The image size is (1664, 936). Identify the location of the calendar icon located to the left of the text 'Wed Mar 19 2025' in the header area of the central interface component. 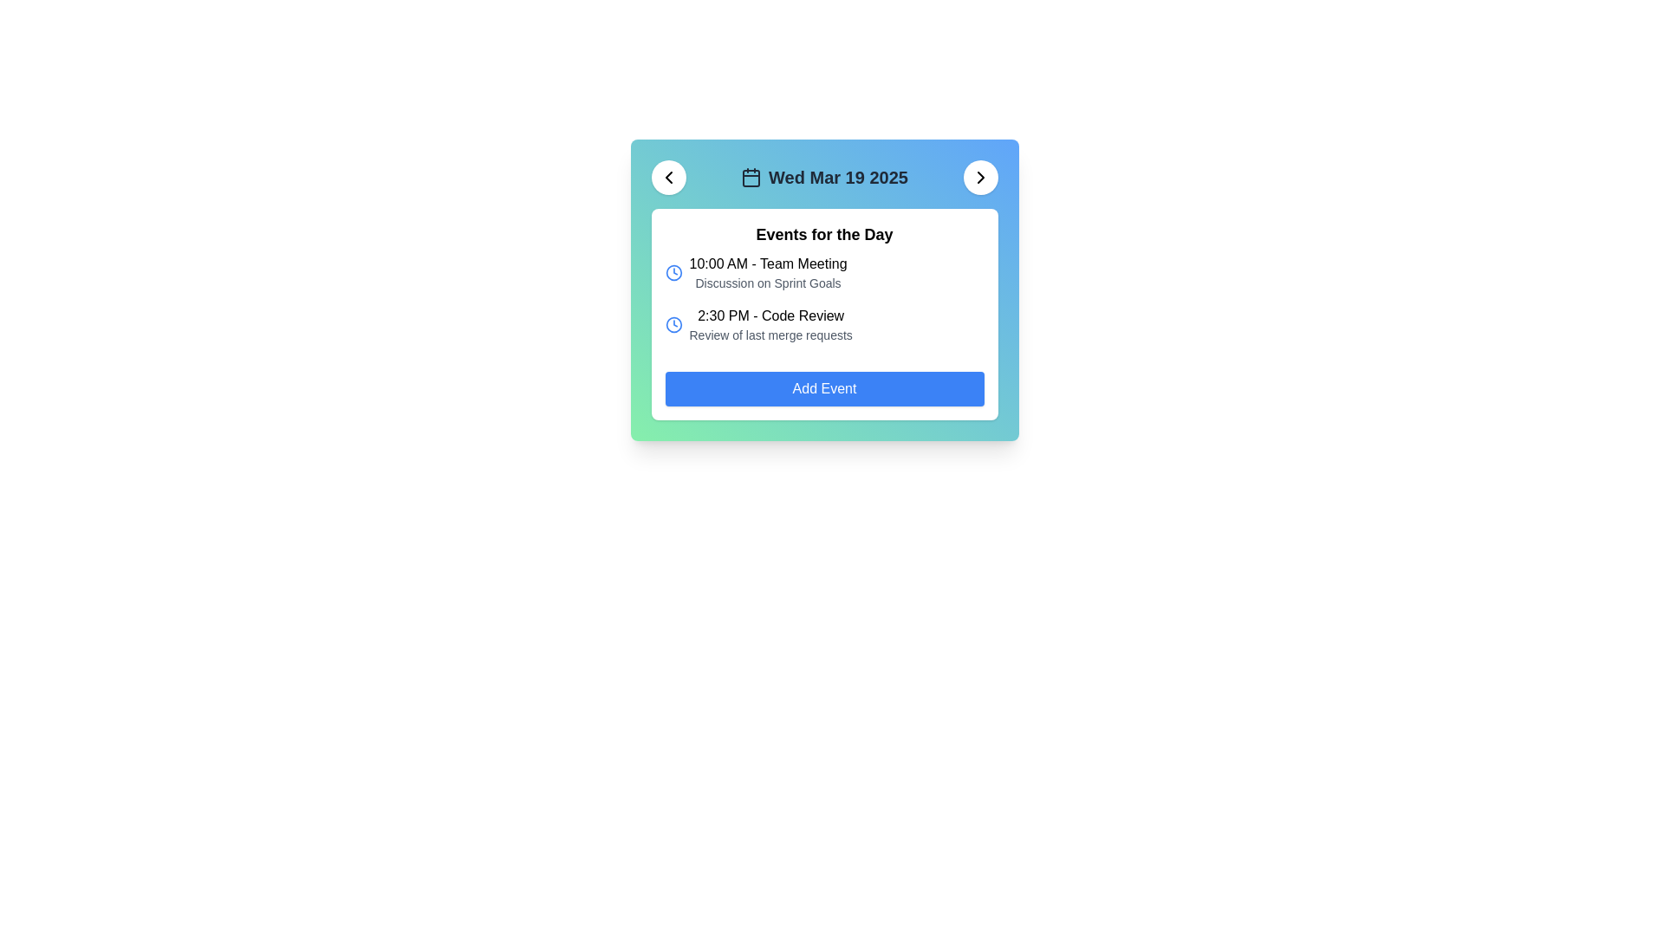
(751, 177).